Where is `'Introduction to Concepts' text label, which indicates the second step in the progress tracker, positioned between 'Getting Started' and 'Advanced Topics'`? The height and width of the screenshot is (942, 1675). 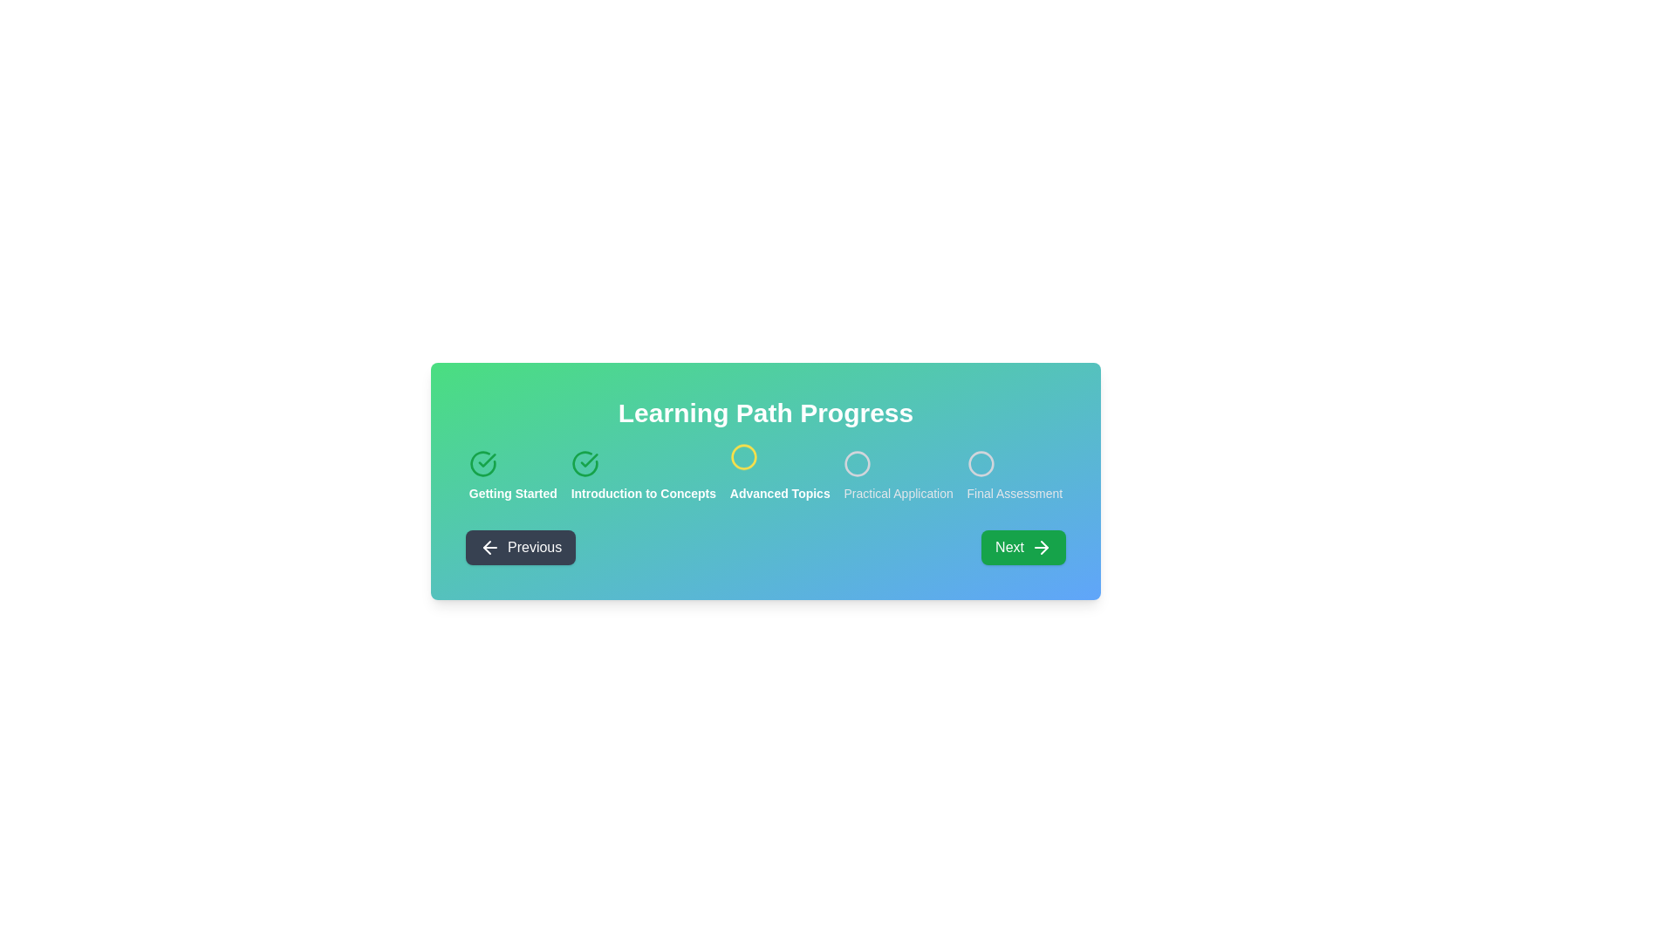 'Introduction to Concepts' text label, which indicates the second step in the progress tracker, positioned between 'Getting Started' and 'Advanced Topics' is located at coordinates (642, 494).